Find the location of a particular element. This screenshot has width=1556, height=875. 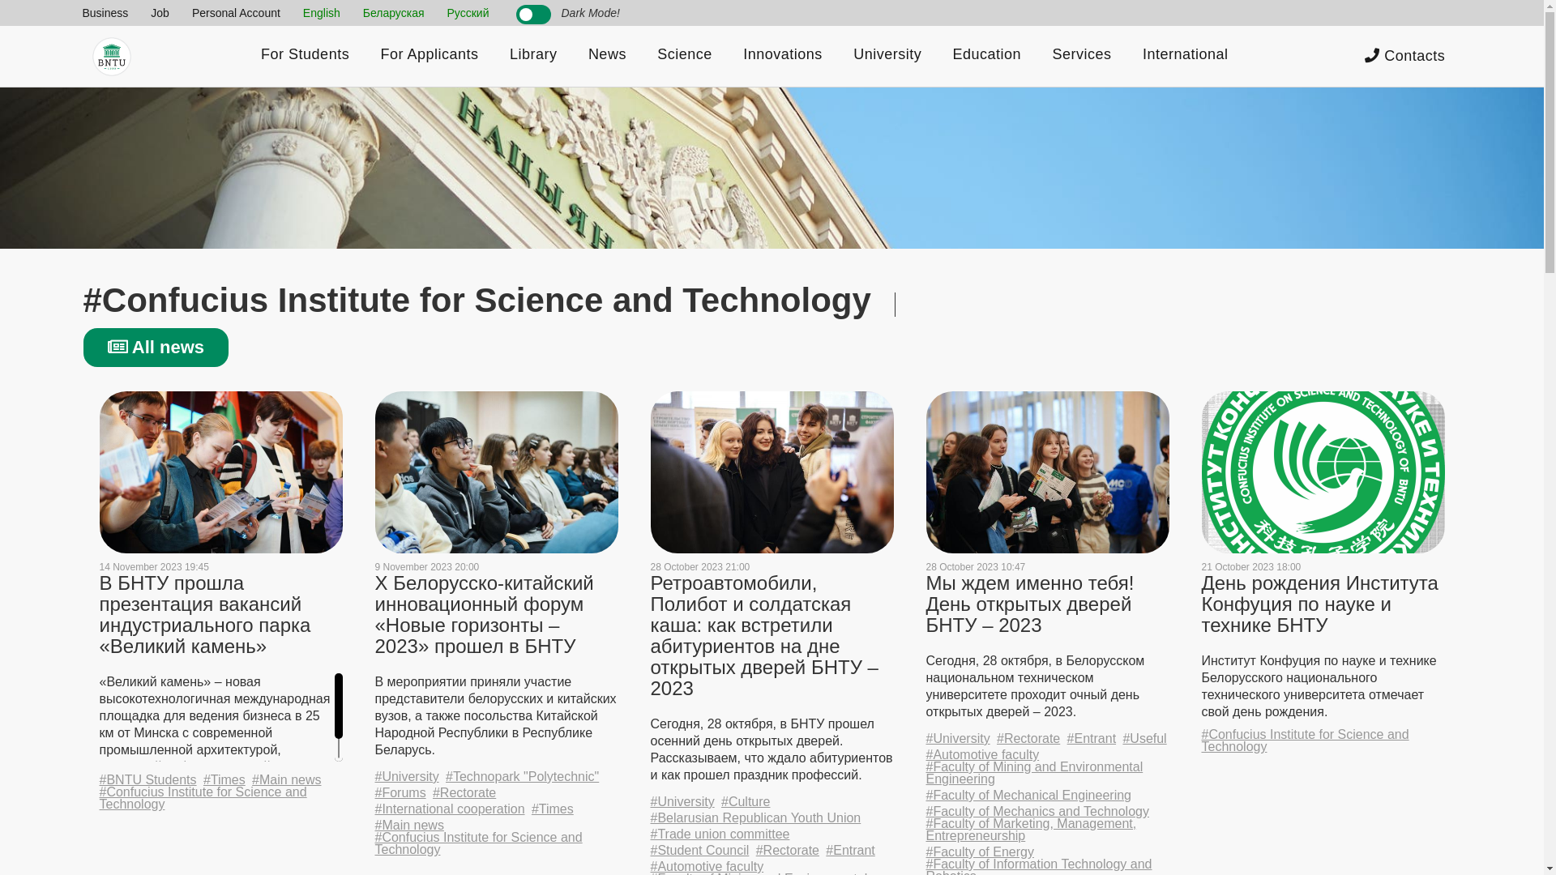

'Library' is located at coordinates (533, 55).